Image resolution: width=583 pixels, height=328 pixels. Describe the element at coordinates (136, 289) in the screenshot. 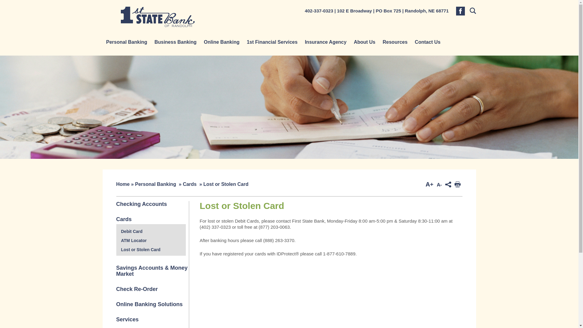

I see `'Check Re-Order'` at that location.